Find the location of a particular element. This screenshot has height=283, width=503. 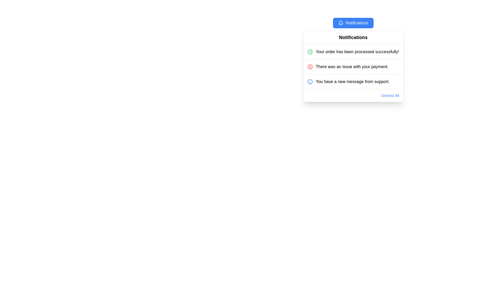

the green checkmark icon that indicates success, which is located at the start of the notification message 'Your order has been processed successfully!' is located at coordinates (310, 52).